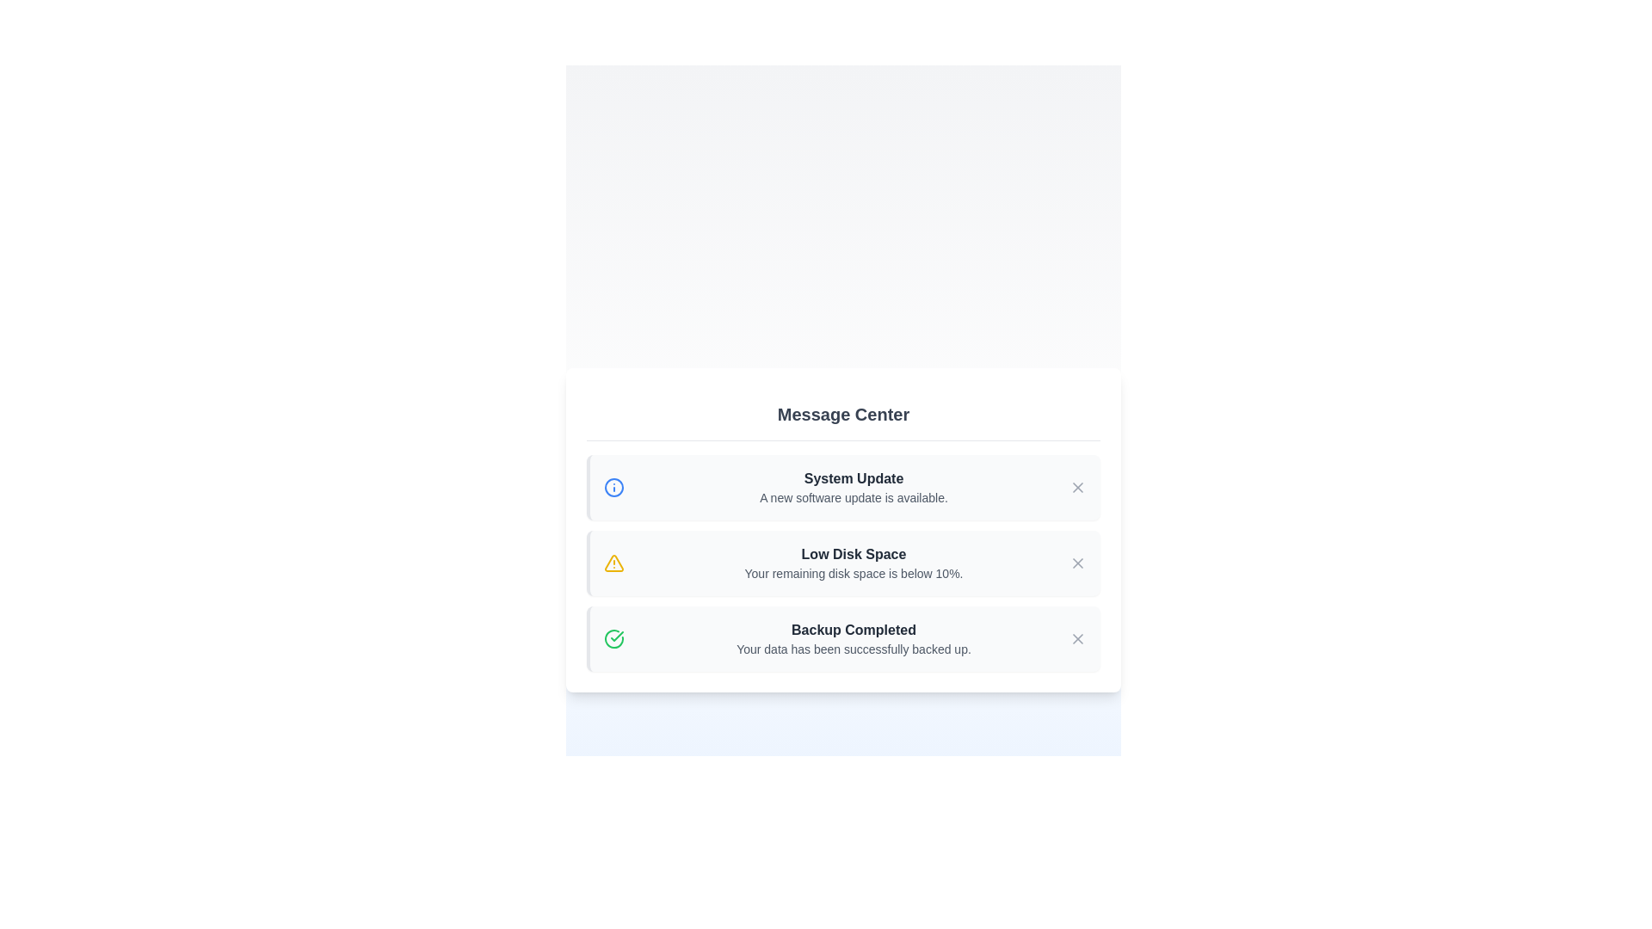 This screenshot has height=929, width=1652. I want to click on the circular SVG shape that represents the 'System Update' notification in the leftmost blue icon of the 'Message Center', so click(614, 487).